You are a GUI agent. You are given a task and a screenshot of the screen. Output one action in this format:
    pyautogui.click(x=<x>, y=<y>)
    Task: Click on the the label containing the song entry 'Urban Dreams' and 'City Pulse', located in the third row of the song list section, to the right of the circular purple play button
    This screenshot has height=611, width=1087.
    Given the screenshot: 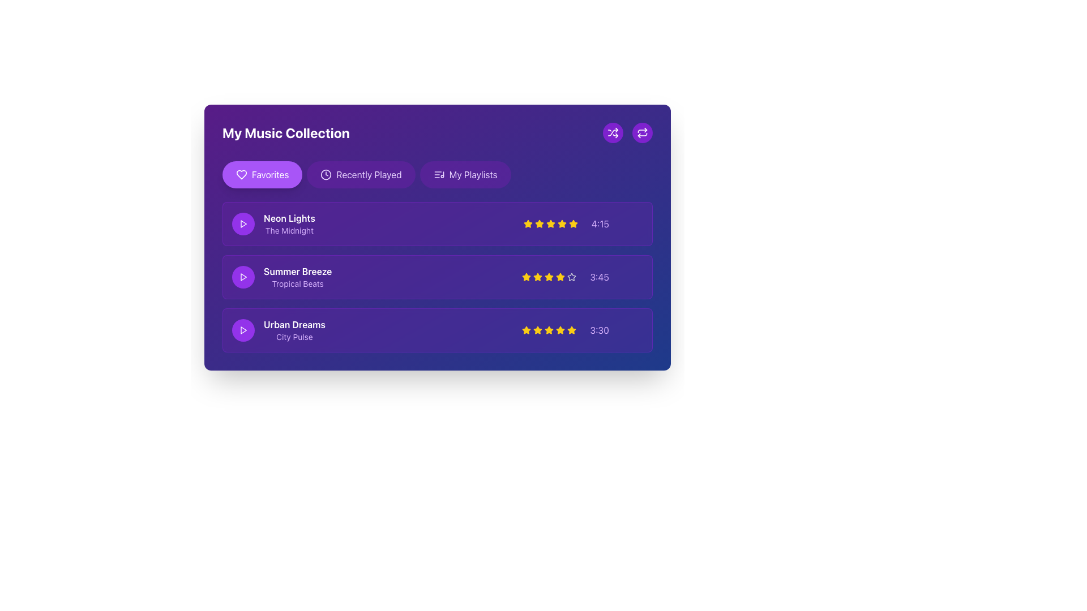 What is the action you would take?
    pyautogui.click(x=279, y=330)
    